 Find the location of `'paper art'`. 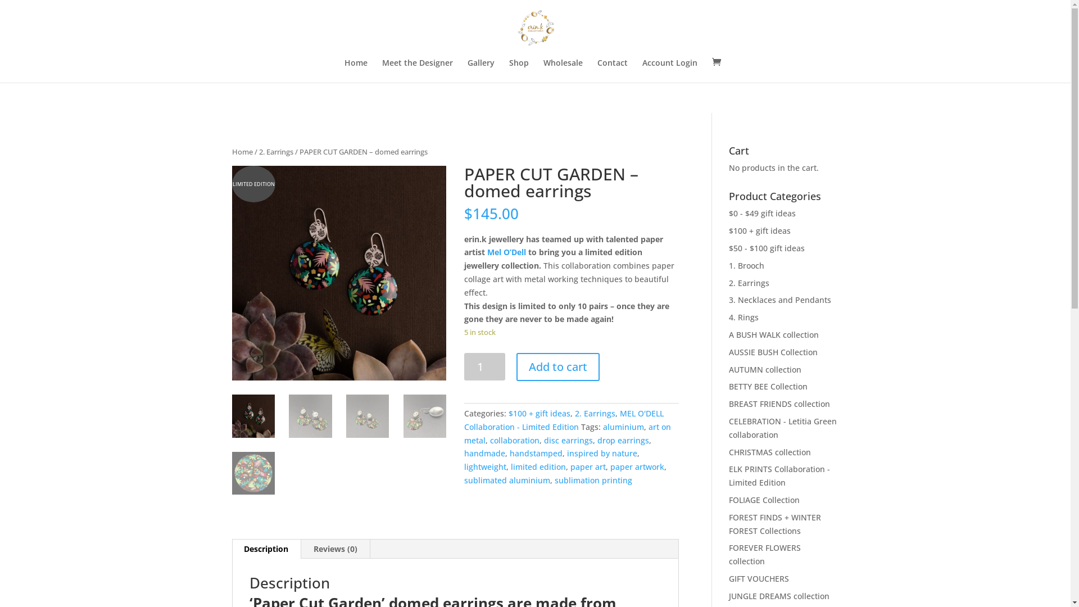

'paper art' is located at coordinates (587, 466).